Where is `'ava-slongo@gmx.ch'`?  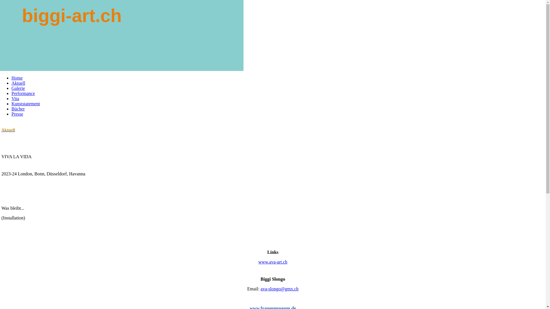 'ava-slongo@gmx.ch' is located at coordinates (279, 289).